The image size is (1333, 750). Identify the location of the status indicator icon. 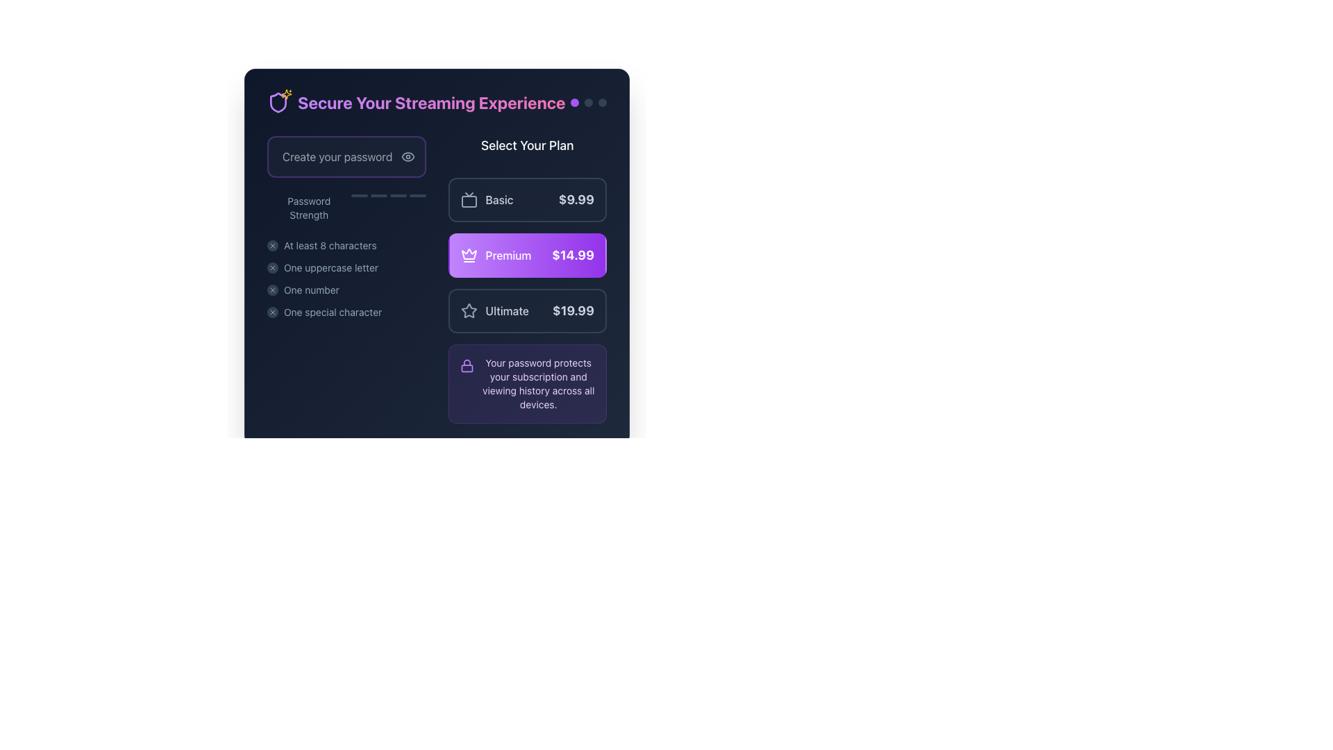
(273, 245).